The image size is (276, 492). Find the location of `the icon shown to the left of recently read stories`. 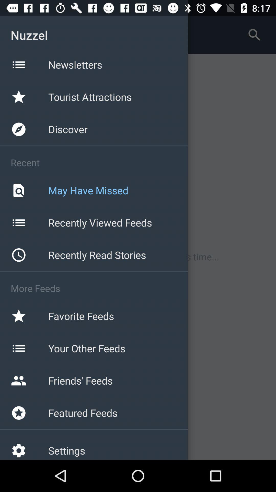

the icon shown to the left of recently read stories is located at coordinates (18, 255).